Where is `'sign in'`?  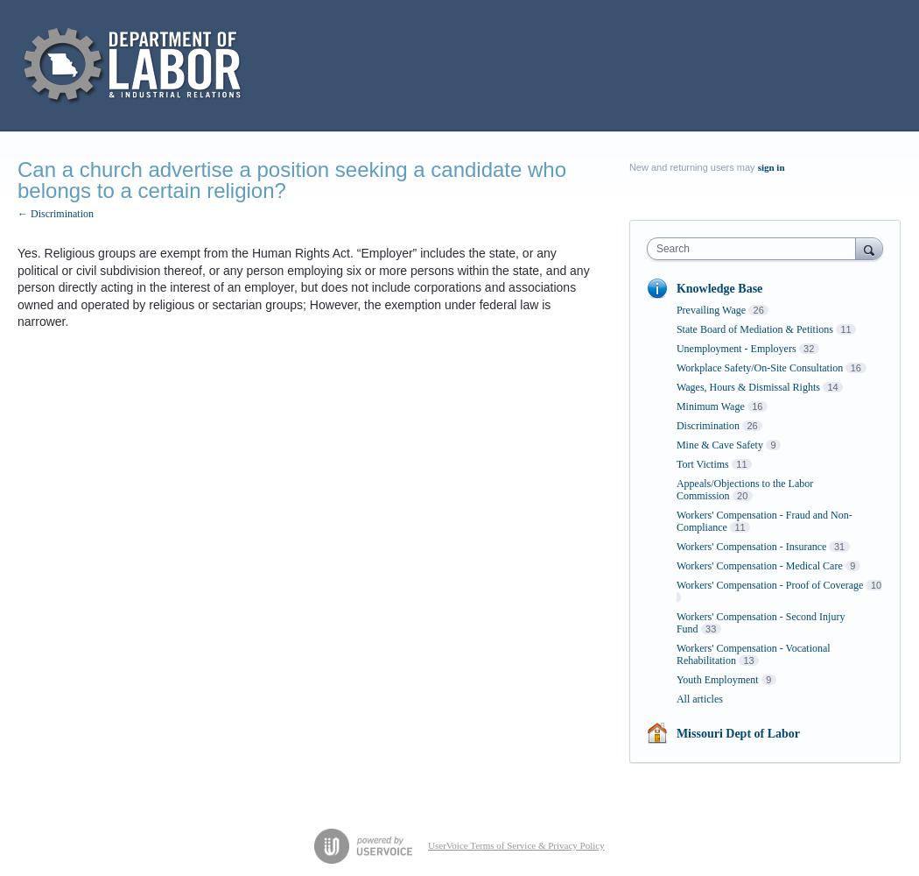 'sign in' is located at coordinates (769, 166).